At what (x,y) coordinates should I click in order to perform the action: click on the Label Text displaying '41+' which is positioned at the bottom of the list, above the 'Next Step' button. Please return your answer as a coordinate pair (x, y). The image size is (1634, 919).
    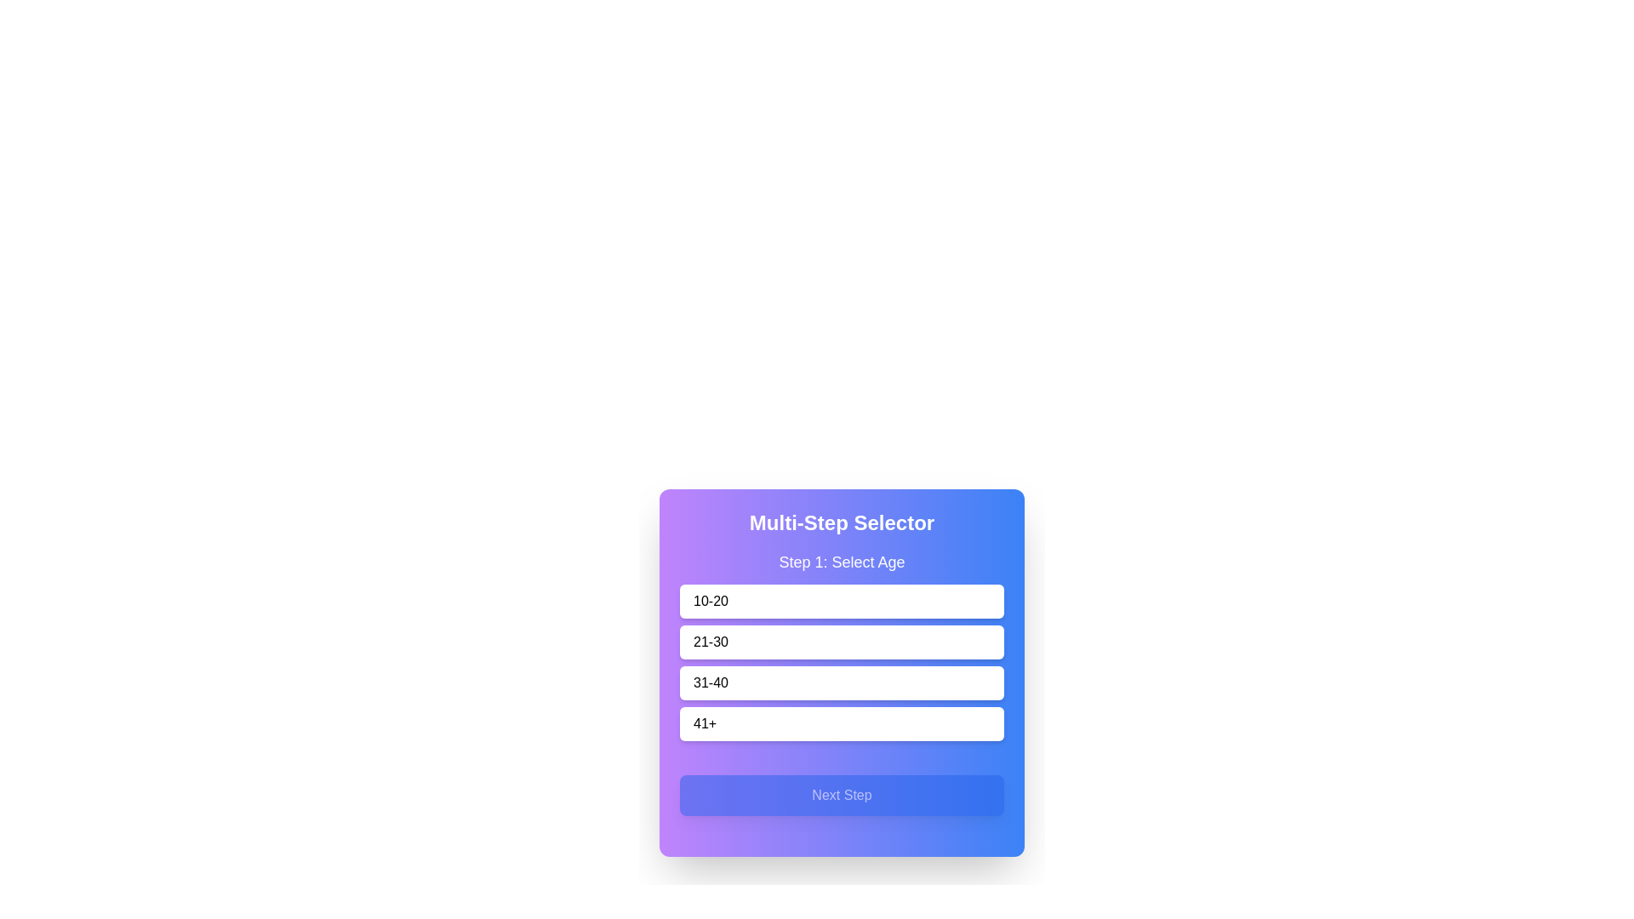
    Looking at the image, I should click on (705, 724).